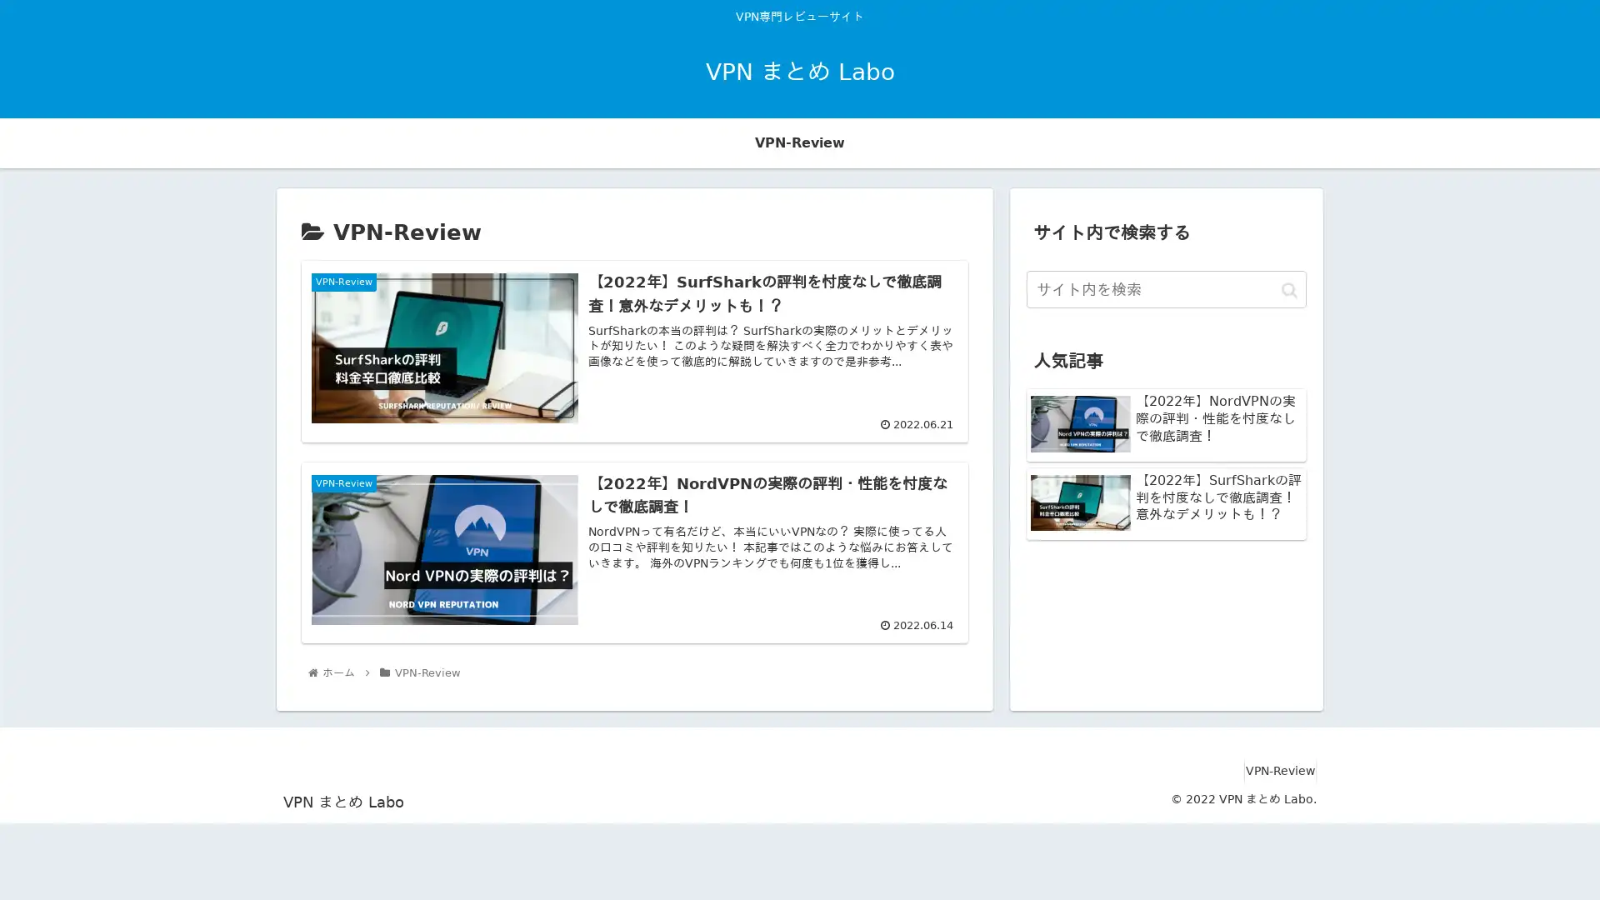 This screenshot has height=900, width=1600. Describe the element at coordinates (1288, 288) in the screenshot. I see `button` at that location.